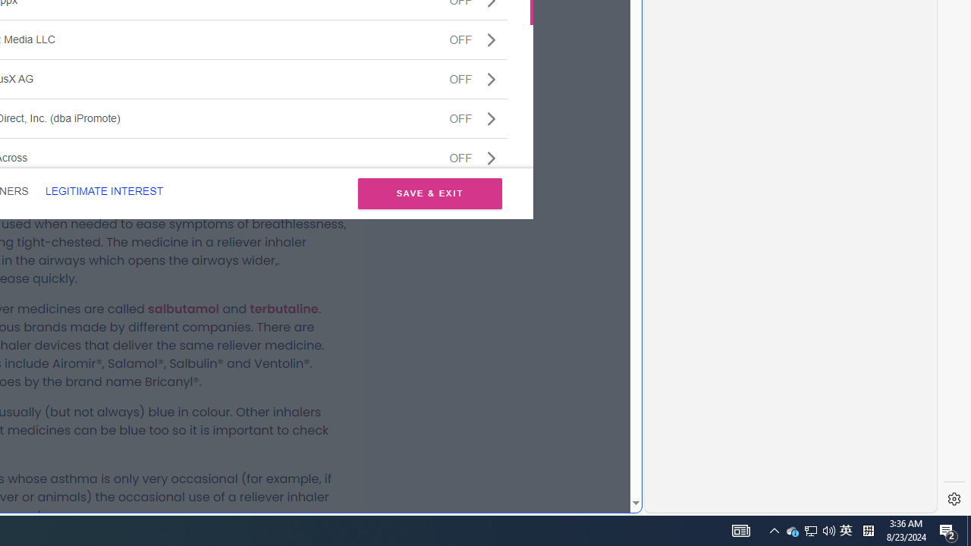 This screenshot has width=971, height=546. Describe the element at coordinates (429, 193) in the screenshot. I see `'SAVE & EXIT'` at that location.